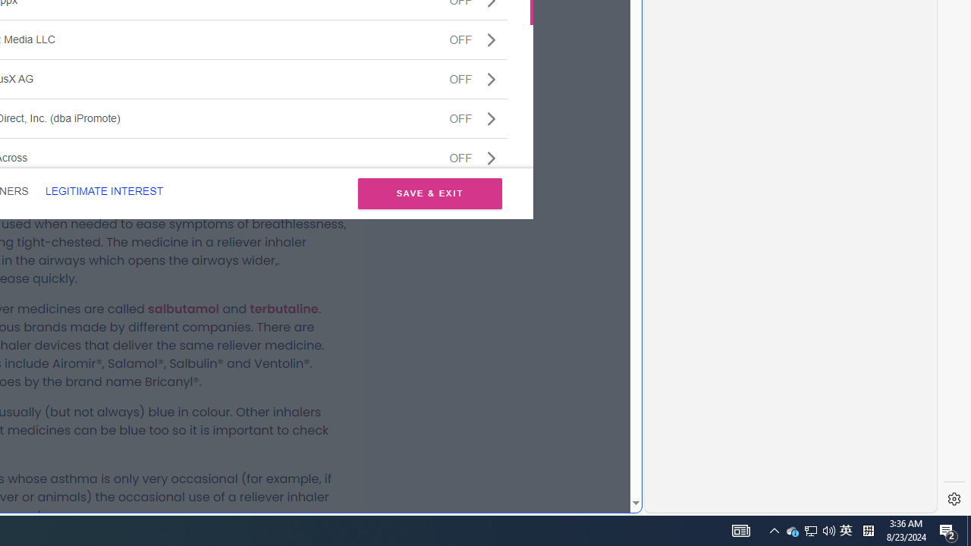 This screenshot has width=971, height=546. Describe the element at coordinates (429, 193) in the screenshot. I see `'SAVE & EXIT'` at that location.